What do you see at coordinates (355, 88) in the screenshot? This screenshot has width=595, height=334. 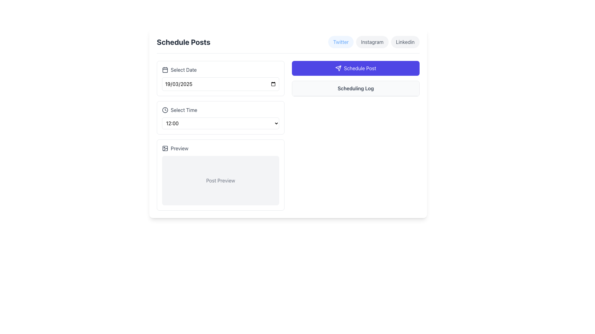 I see `the static text header labeled 'Scheduling Log', which is a rectangular block with a light gray background and dark bold text, located underneath the 'Schedule Post' button` at bounding box center [355, 88].